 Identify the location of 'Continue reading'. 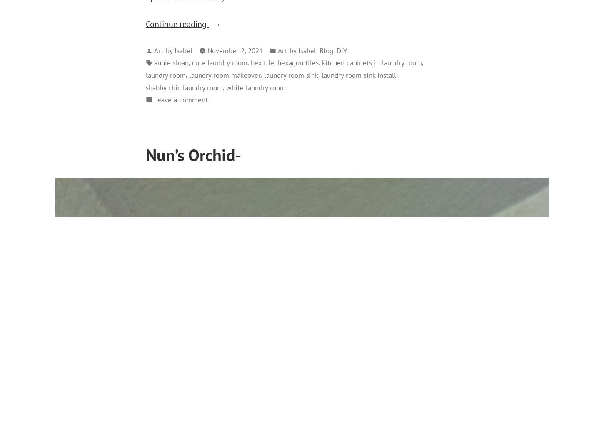
(146, 24).